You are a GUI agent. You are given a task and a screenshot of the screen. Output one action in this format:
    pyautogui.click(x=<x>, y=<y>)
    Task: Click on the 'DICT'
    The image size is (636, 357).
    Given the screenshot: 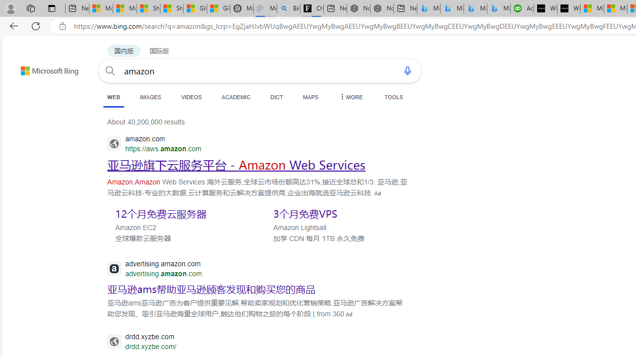 What is the action you would take?
    pyautogui.click(x=277, y=97)
    